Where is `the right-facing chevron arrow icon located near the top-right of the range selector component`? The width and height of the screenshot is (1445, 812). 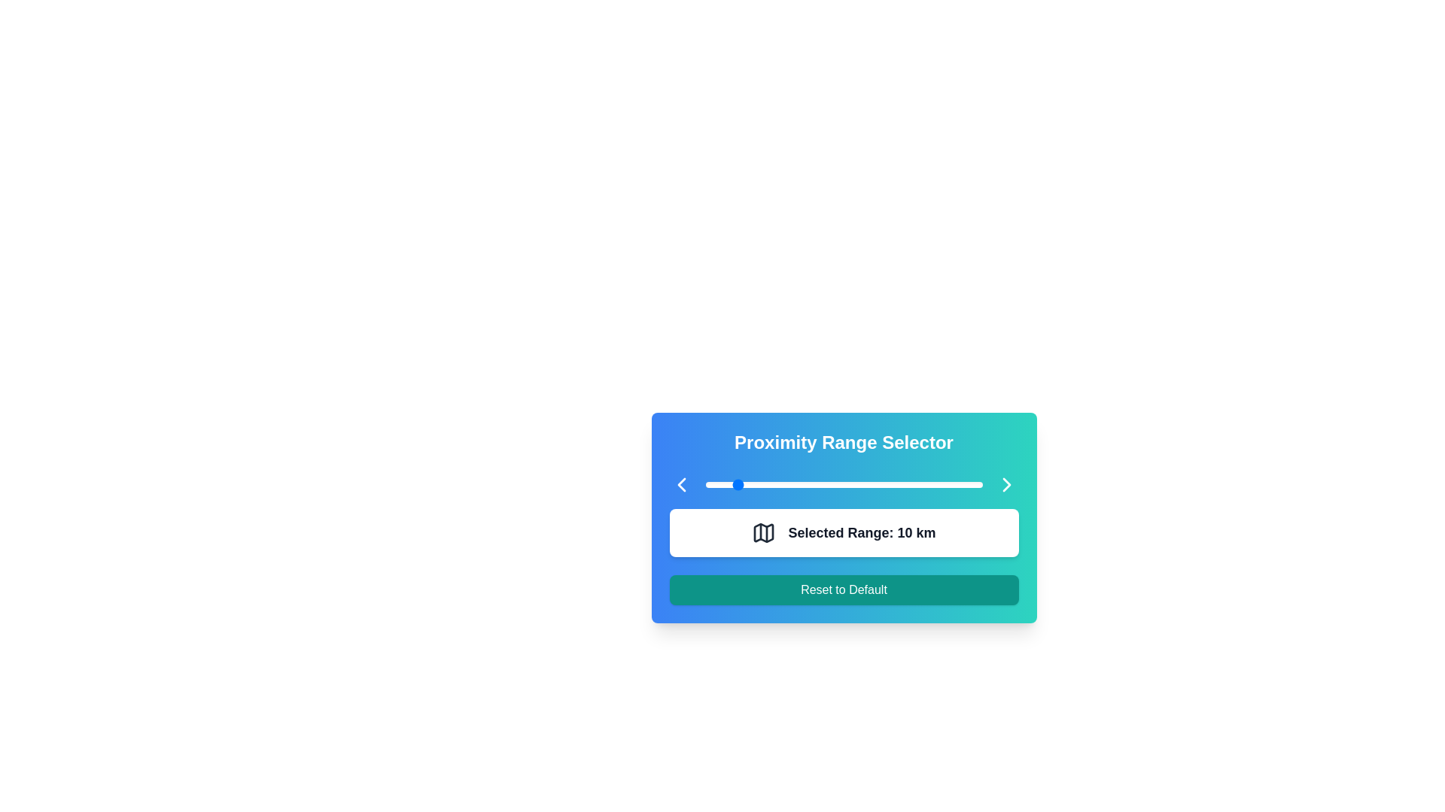 the right-facing chevron arrow icon located near the top-right of the range selector component is located at coordinates (1006, 484).